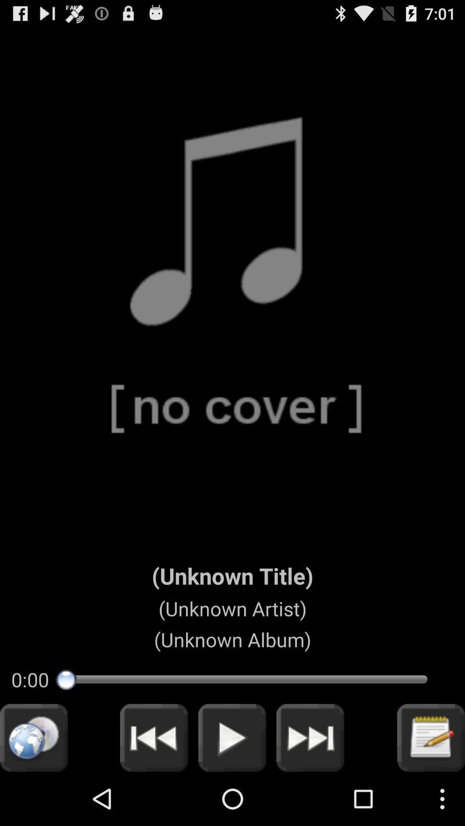 Image resolution: width=465 pixels, height=826 pixels. I want to click on the edit icon, so click(431, 789).